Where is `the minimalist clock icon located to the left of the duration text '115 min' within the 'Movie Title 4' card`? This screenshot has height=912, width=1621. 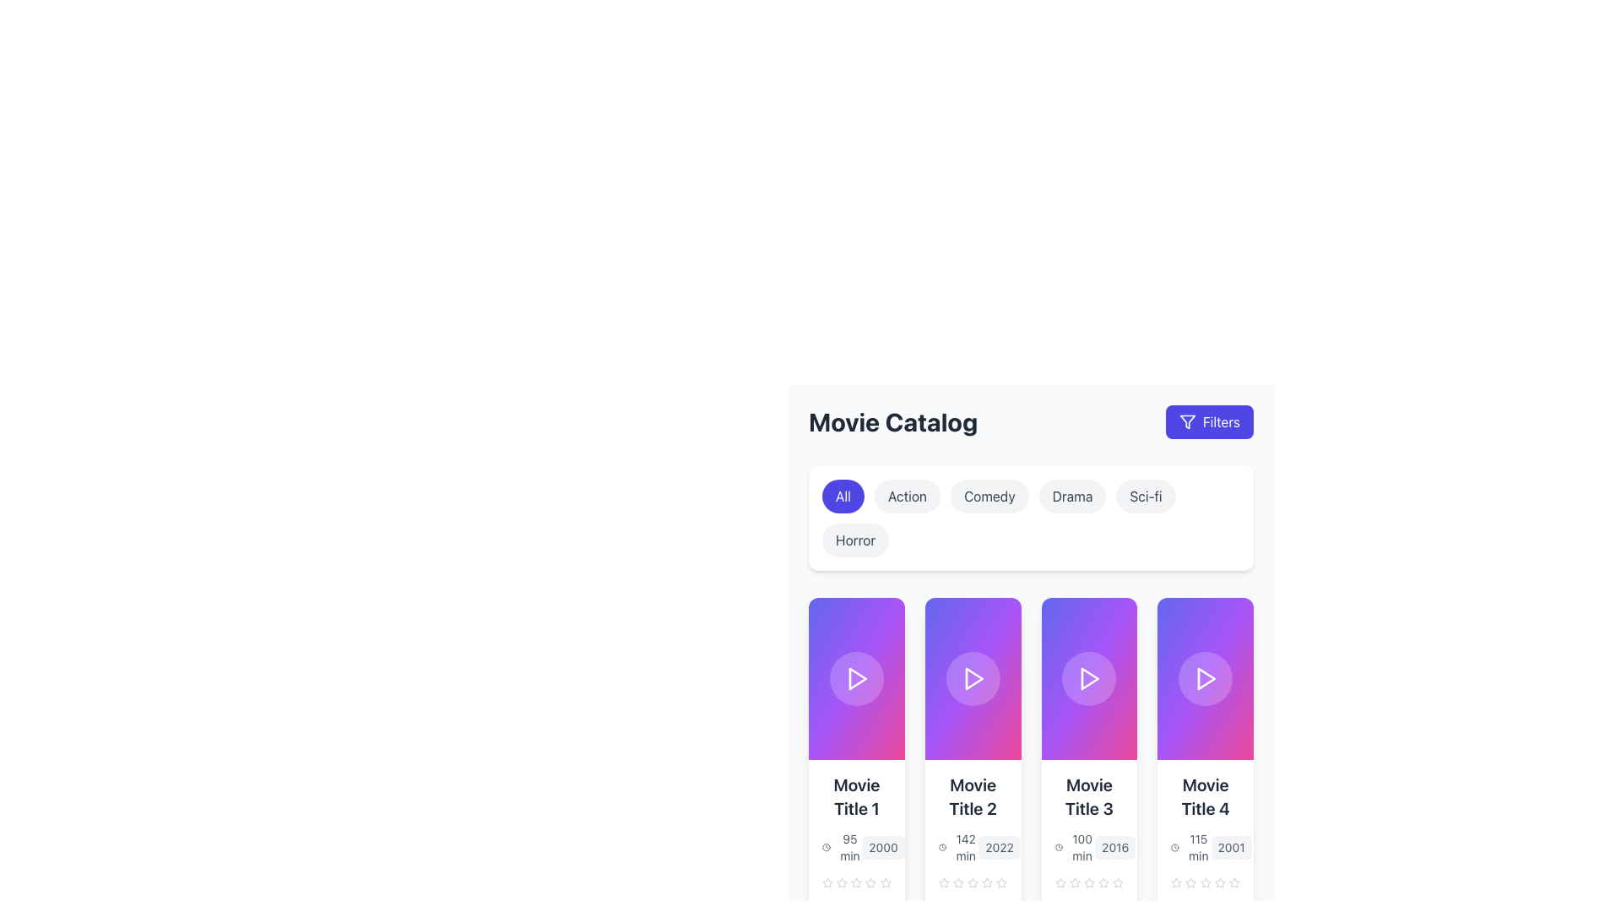 the minimalist clock icon located to the left of the duration text '115 min' within the 'Movie Title 4' card is located at coordinates (1174, 847).